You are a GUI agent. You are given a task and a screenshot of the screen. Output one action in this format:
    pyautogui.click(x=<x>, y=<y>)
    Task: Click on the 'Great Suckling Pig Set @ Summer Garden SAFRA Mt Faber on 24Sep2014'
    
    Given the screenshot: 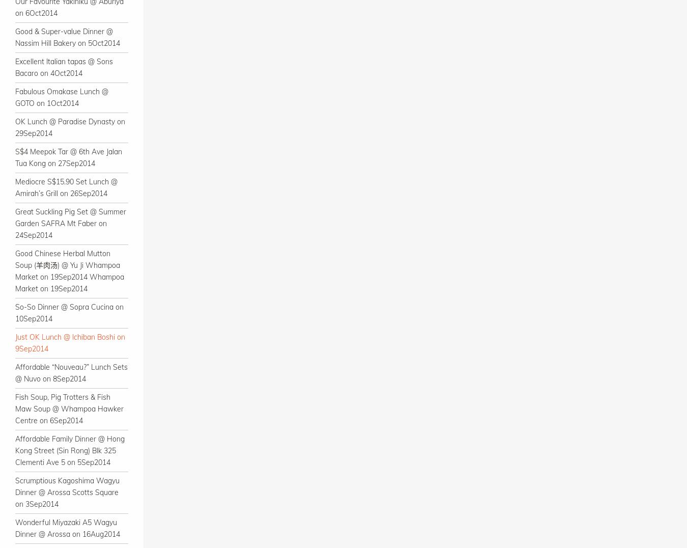 What is the action you would take?
    pyautogui.click(x=71, y=224)
    